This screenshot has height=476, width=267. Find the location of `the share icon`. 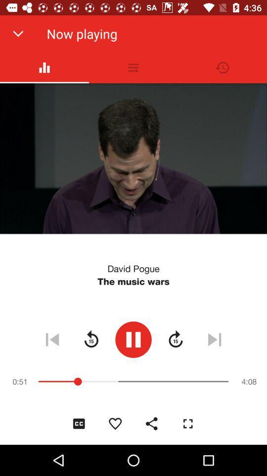

the share icon is located at coordinates (151, 423).